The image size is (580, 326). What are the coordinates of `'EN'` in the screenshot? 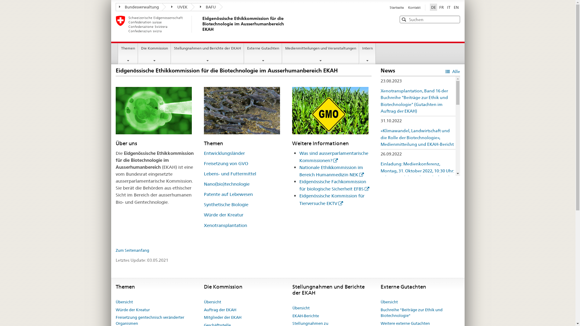 It's located at (456, 7).